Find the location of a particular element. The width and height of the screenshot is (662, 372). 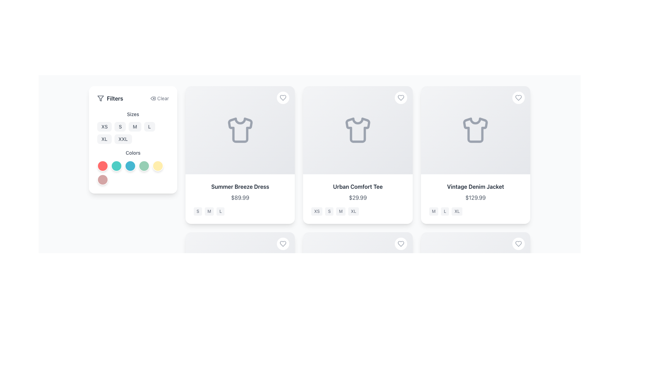

the category label that provides context for the size options, located in the filtering section on the left side of the interface is located at coordinates (133, 114).